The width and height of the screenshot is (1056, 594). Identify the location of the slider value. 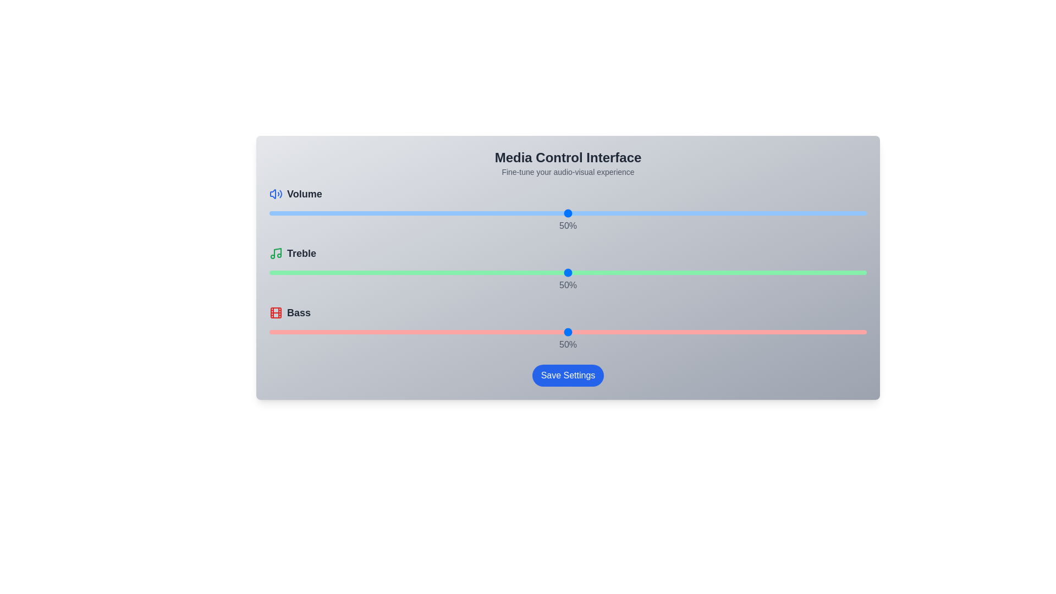
(854, 213).